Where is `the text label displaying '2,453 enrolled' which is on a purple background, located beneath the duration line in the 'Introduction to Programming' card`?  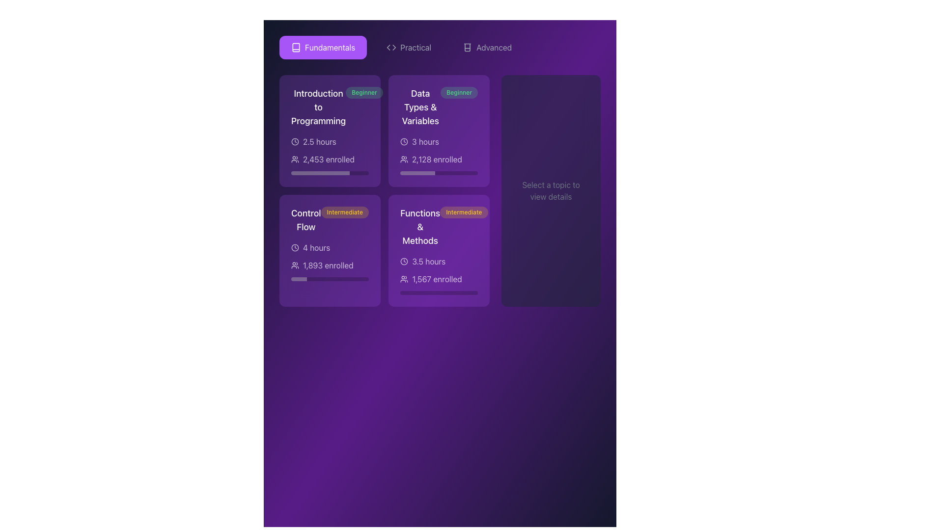
the text label displaying '2,453 enrolled' which is on a purple background, located beneath the duration line in the 'Introduction to Programming' card is located at coordinates (329, 159).